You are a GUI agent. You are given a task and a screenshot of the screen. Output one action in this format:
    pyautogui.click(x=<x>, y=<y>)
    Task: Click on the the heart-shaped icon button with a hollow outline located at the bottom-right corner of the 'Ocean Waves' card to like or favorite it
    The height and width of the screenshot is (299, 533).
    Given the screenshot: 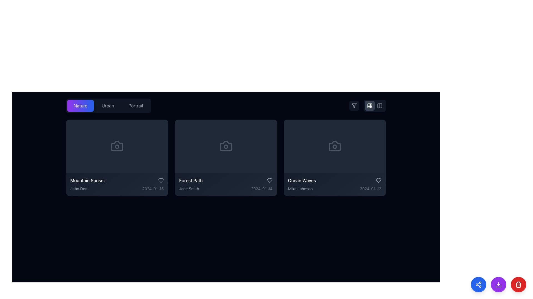 What is the action you would take?
    pyautogui.click(x=378, y=180)
    